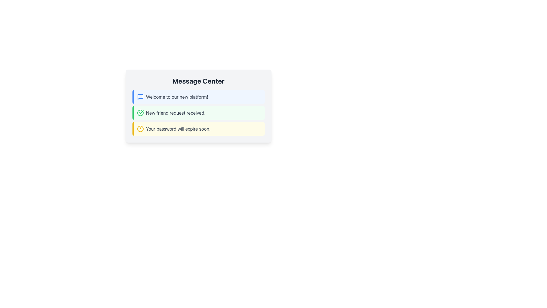 This screenshot has width=547, height=308. What do you see at coordinates (175, 113) in the screenshot?
I see `the static text element that conveys the message 'New friend request received.', located in the middle of a notification card, aligned with the checkmark icon to its left` at bounding box center [175, 113].